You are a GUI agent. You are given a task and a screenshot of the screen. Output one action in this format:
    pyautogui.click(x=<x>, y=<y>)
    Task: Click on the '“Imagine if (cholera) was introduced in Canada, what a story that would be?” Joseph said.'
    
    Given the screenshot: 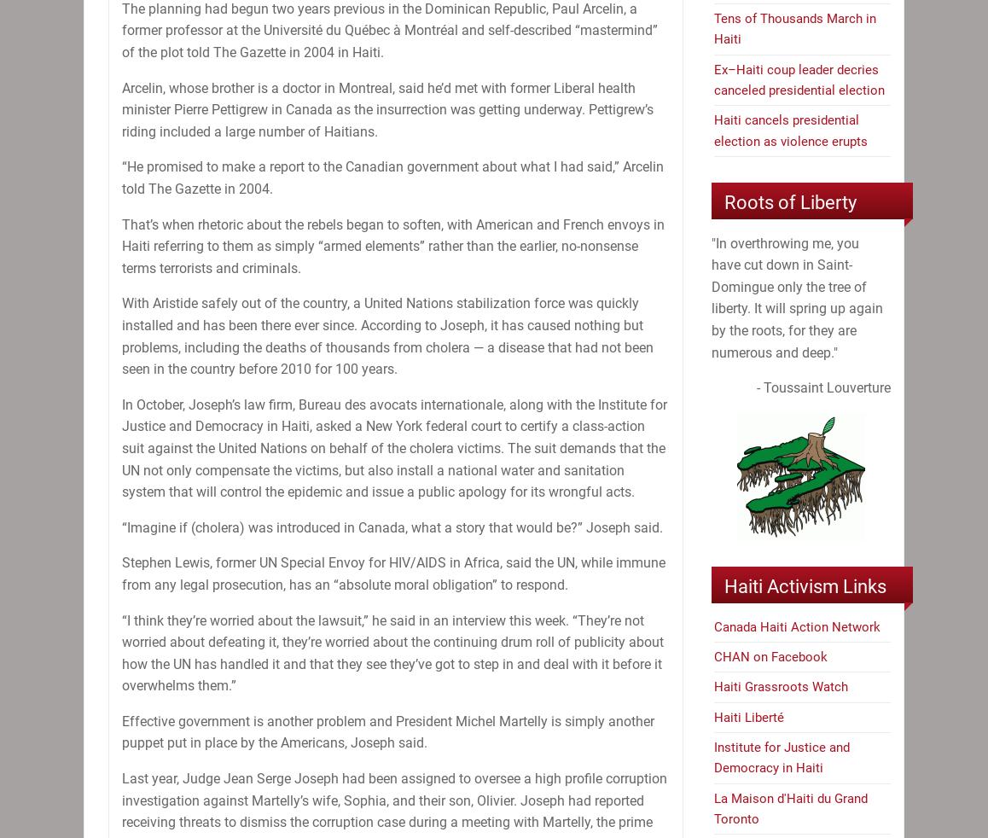 What is the action you would take?
    pyautogui.click(x=392, y=526)
    